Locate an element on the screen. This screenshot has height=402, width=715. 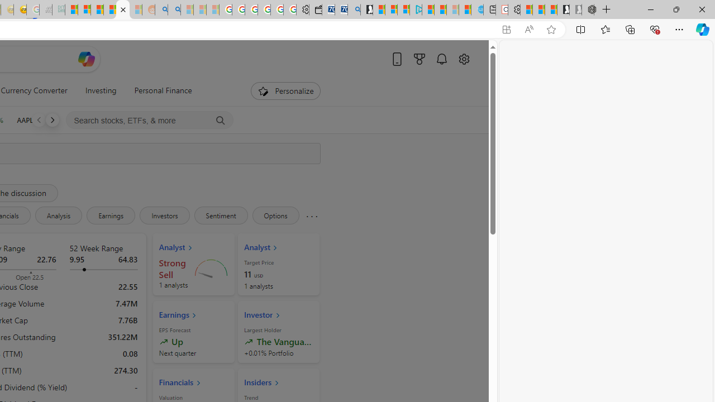
'Earnings' is located at coordinates (111, 215).